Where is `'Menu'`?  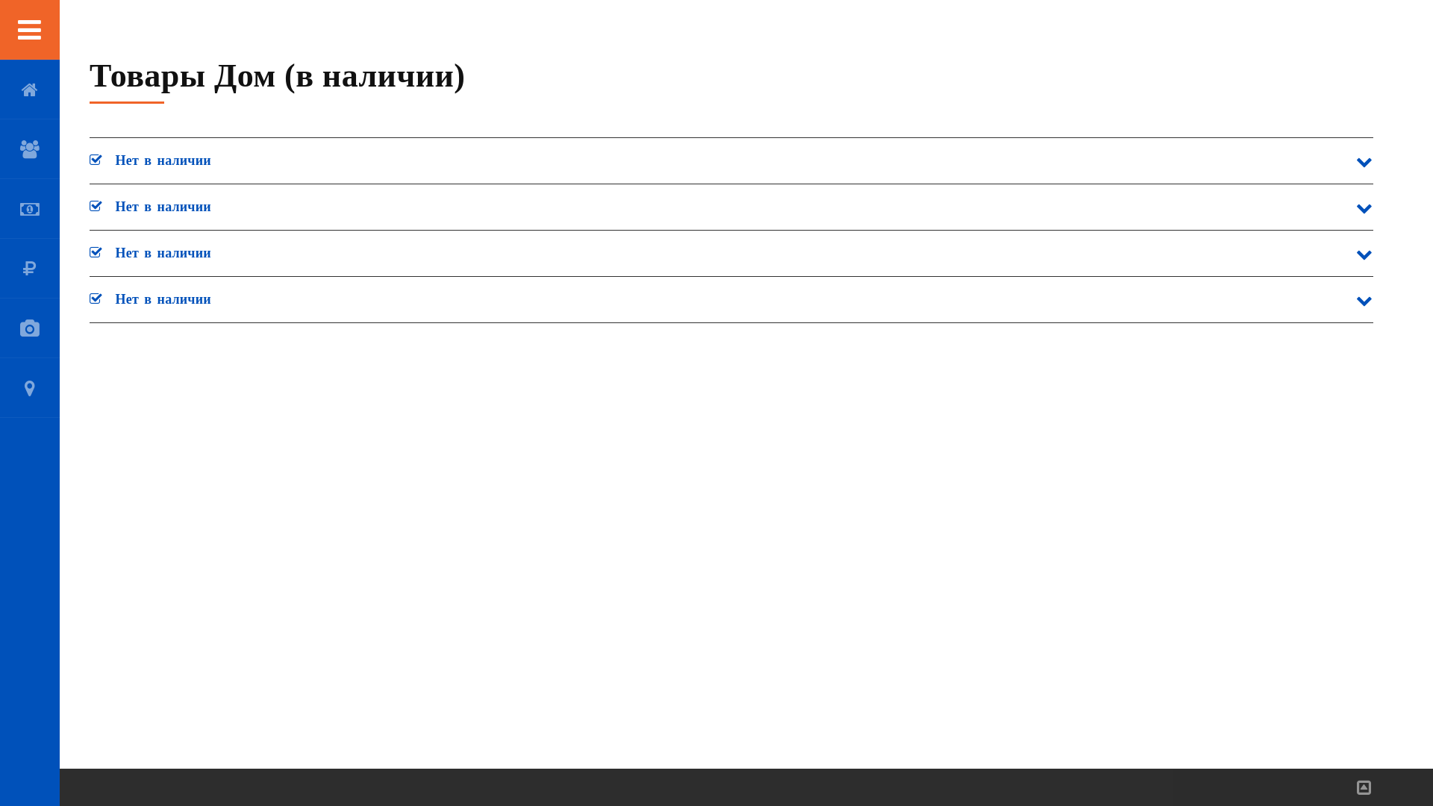 'Menu' is located at coordinates (29, 29).